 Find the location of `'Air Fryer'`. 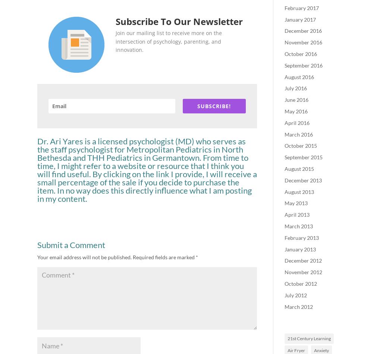

'Air Fryer' is located at coordinates (296, 350).